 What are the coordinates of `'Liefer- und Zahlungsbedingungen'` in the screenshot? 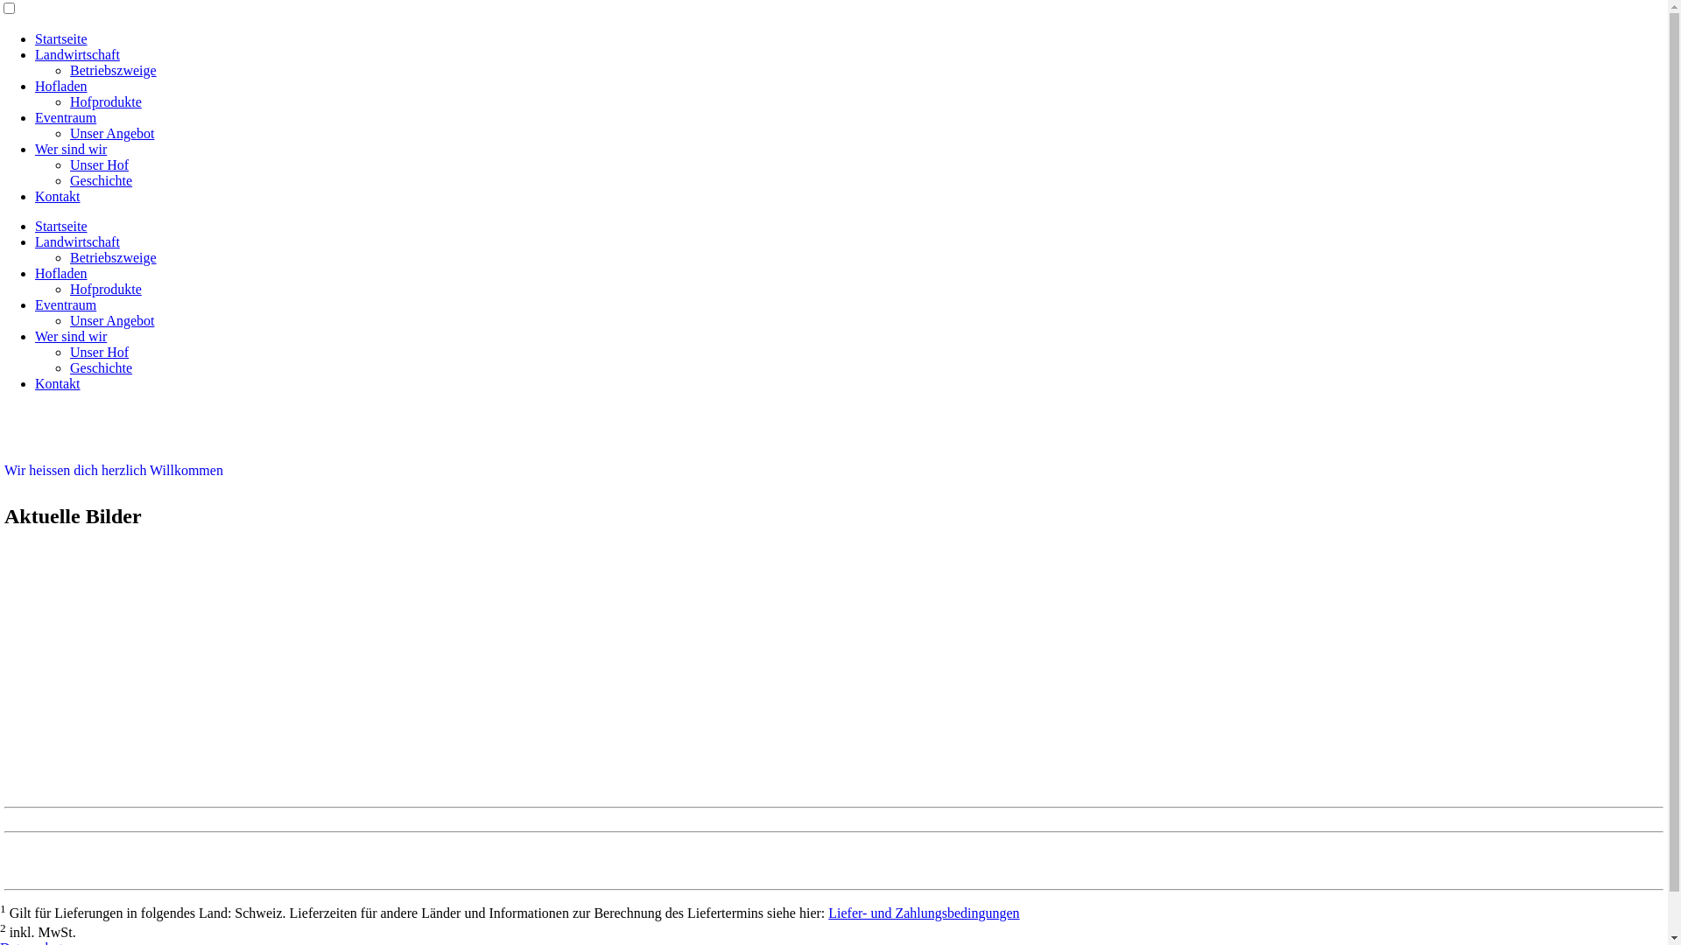 It's located at (923, 912).